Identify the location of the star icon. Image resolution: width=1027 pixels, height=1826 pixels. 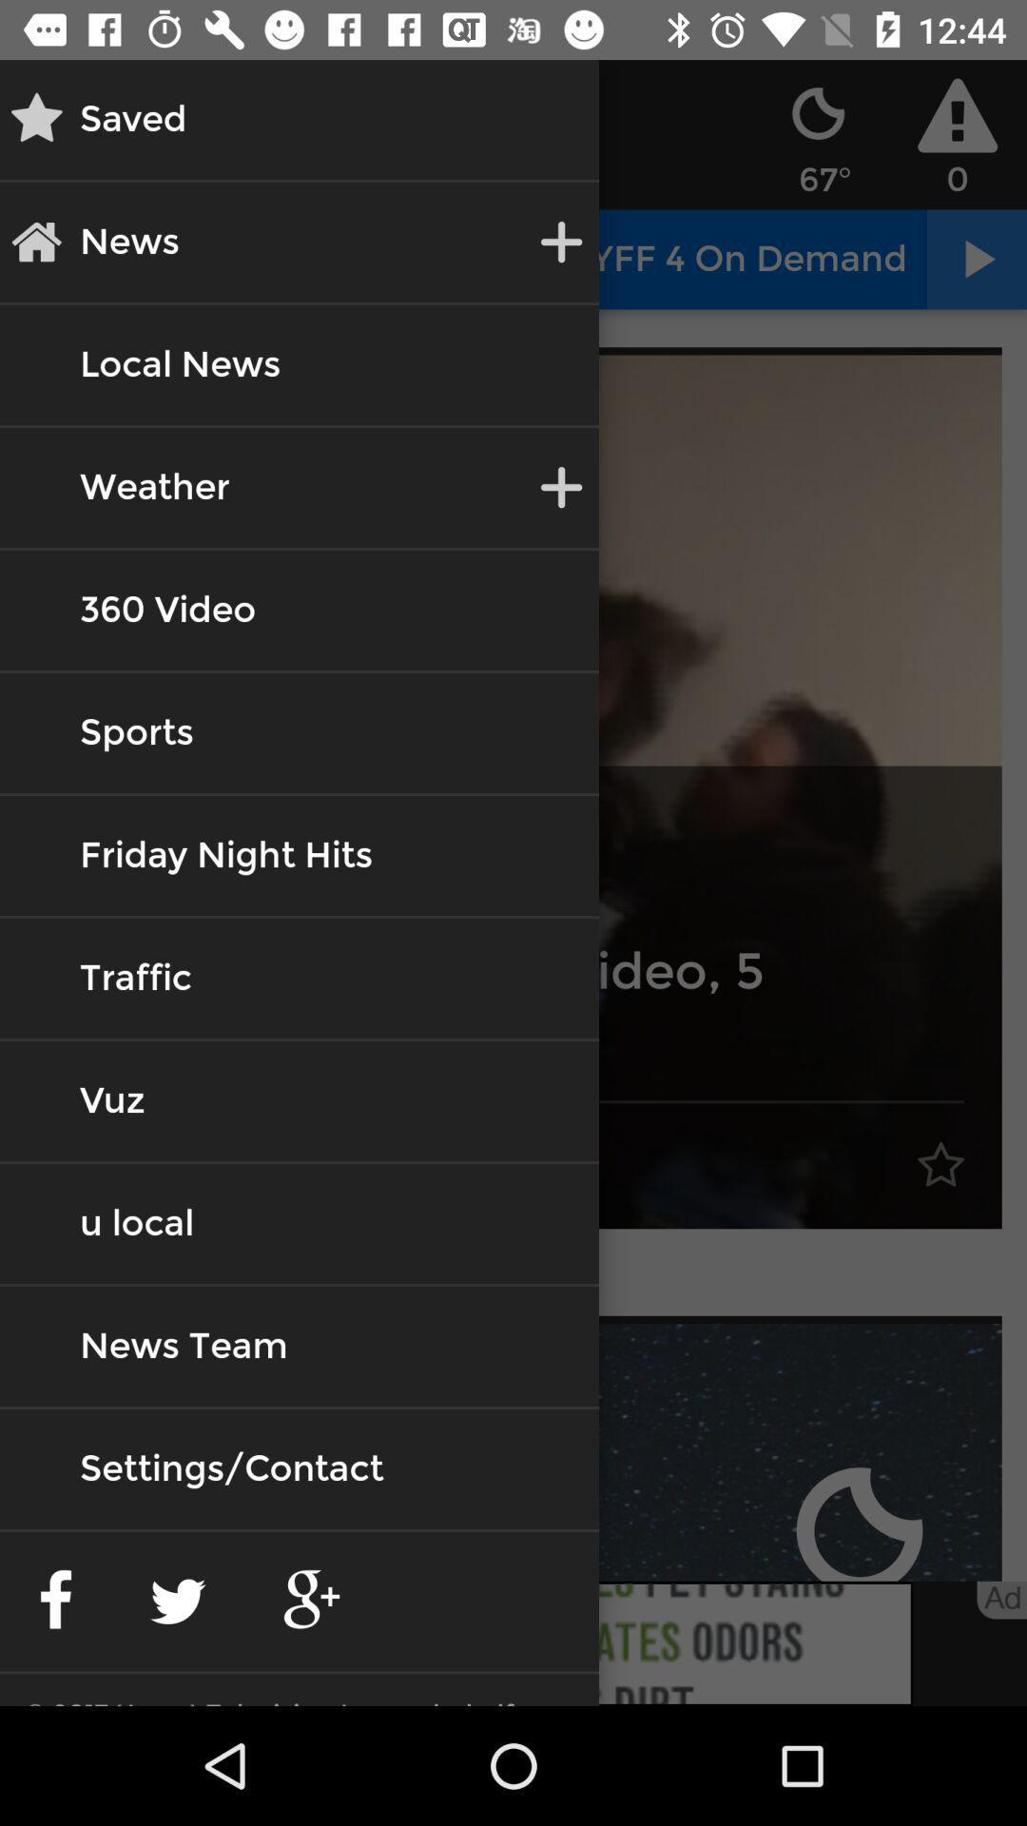
(68, 128).